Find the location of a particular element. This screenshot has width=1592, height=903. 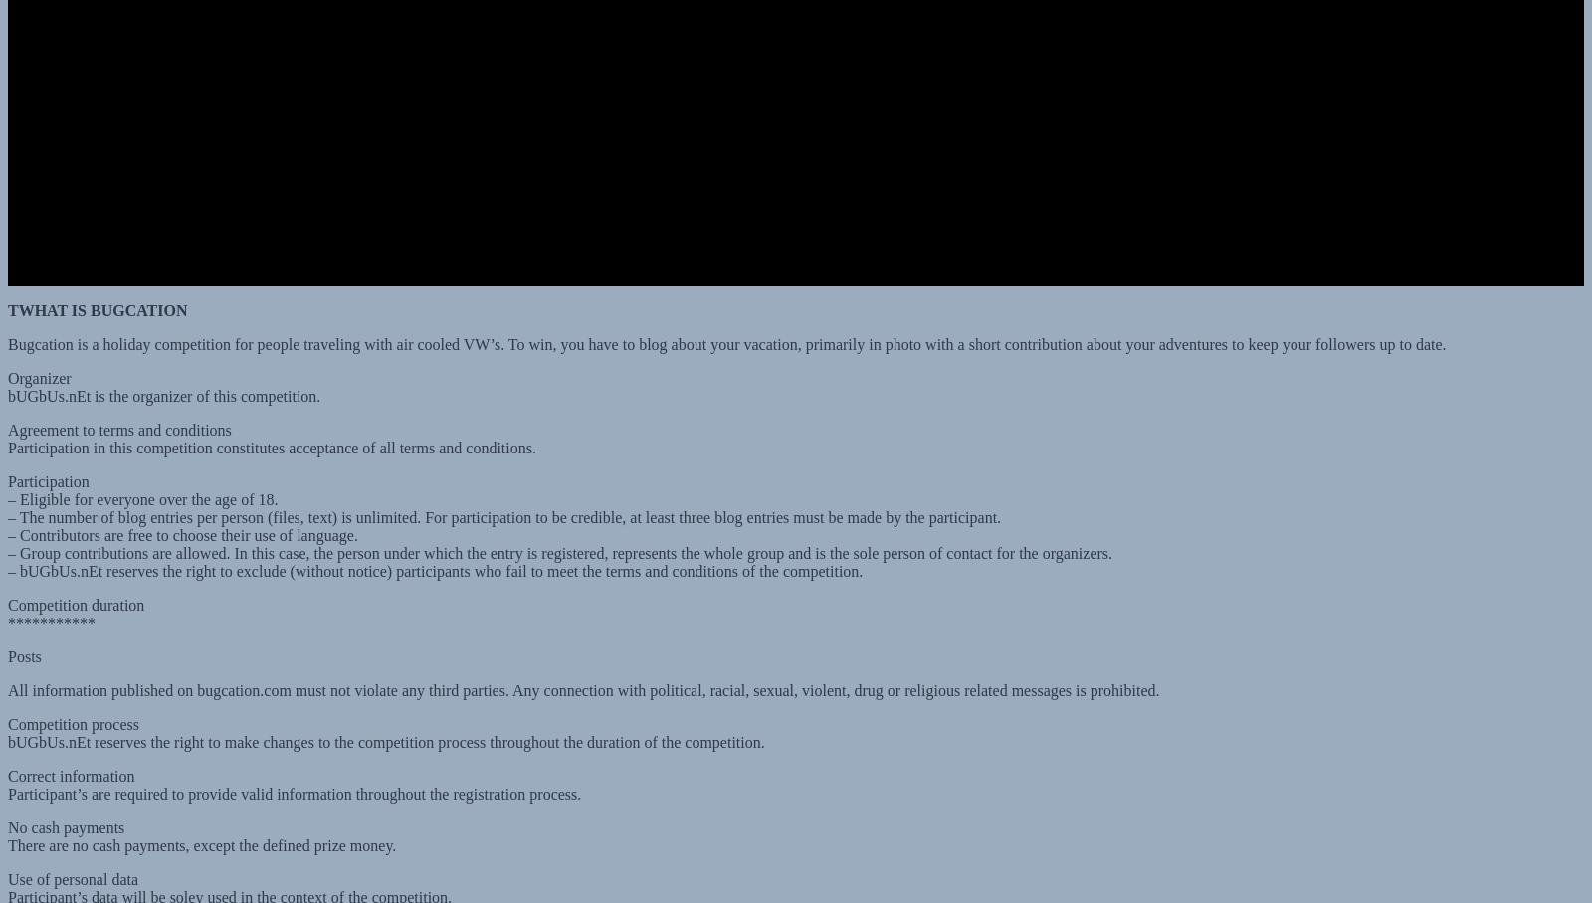

'bUGbUs.nEt is the organizer of this competition.' is located at coordinates (162, 376).